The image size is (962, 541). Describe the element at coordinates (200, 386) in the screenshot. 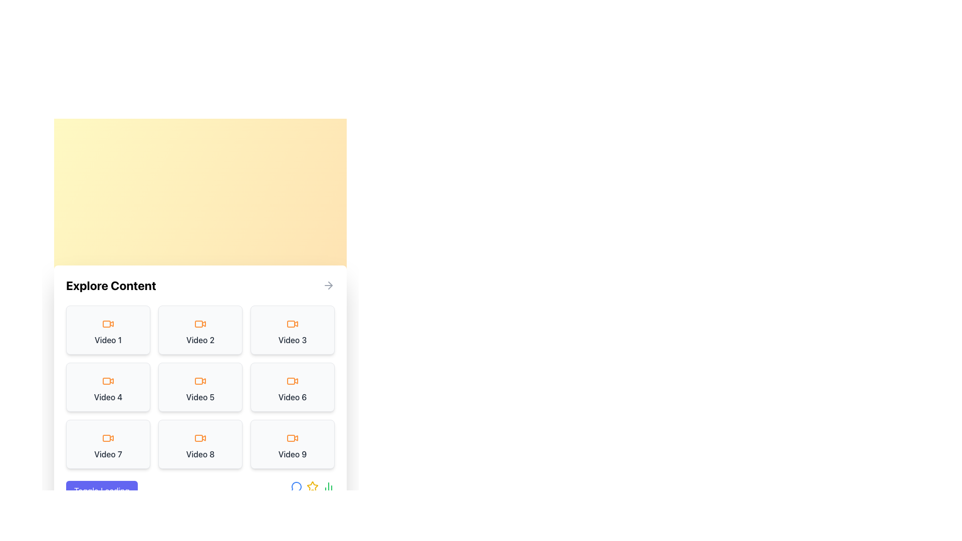

I see `the central tile in the second row of the grid layout, labeled 'Video 5'` at that location.